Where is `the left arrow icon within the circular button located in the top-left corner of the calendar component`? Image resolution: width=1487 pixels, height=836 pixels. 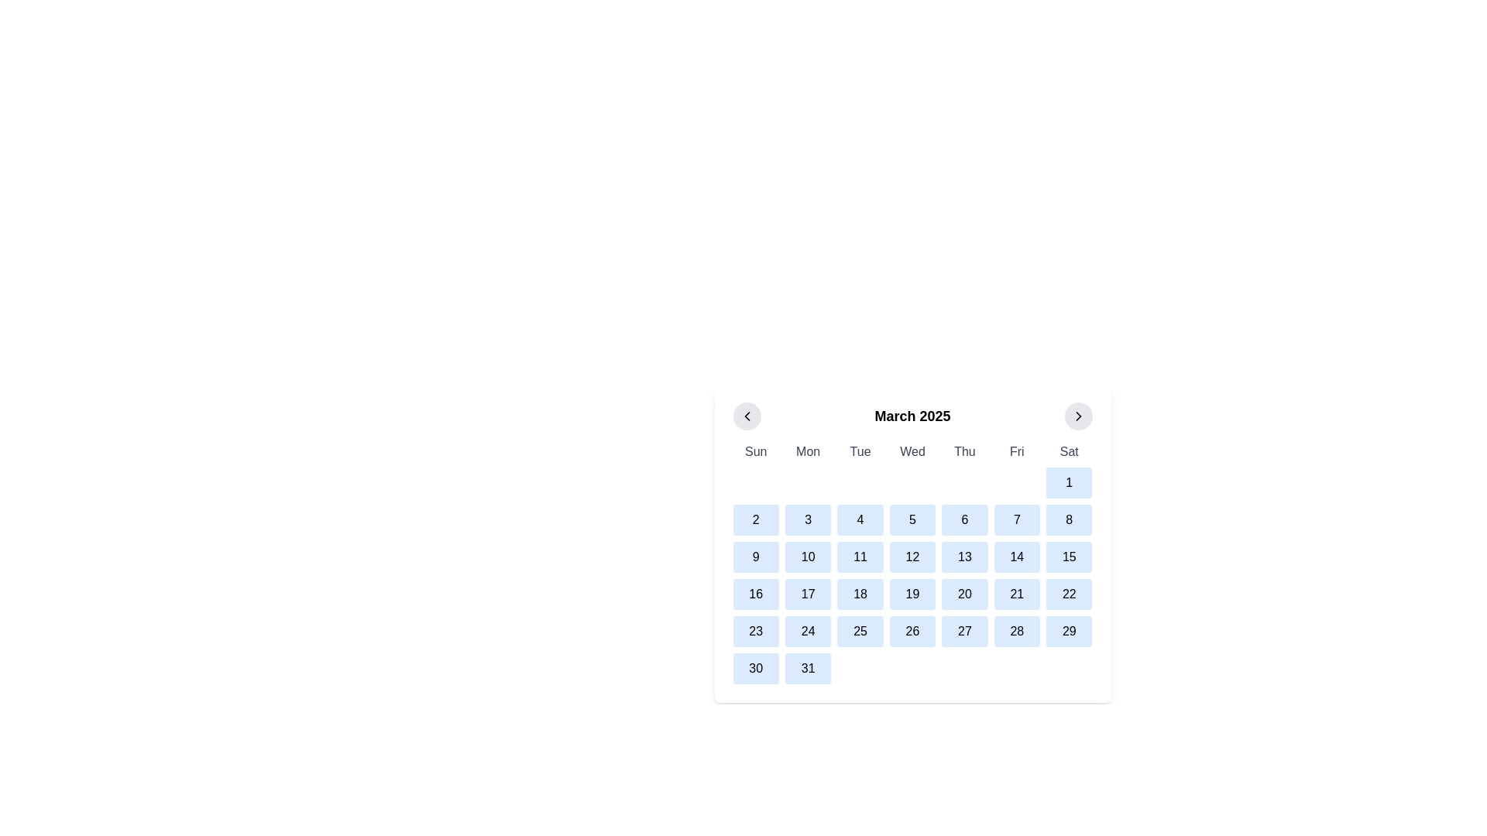
the left arrow icon within the circular button located in the top-left corner of the calendar component is located at coordinates (747, 415).